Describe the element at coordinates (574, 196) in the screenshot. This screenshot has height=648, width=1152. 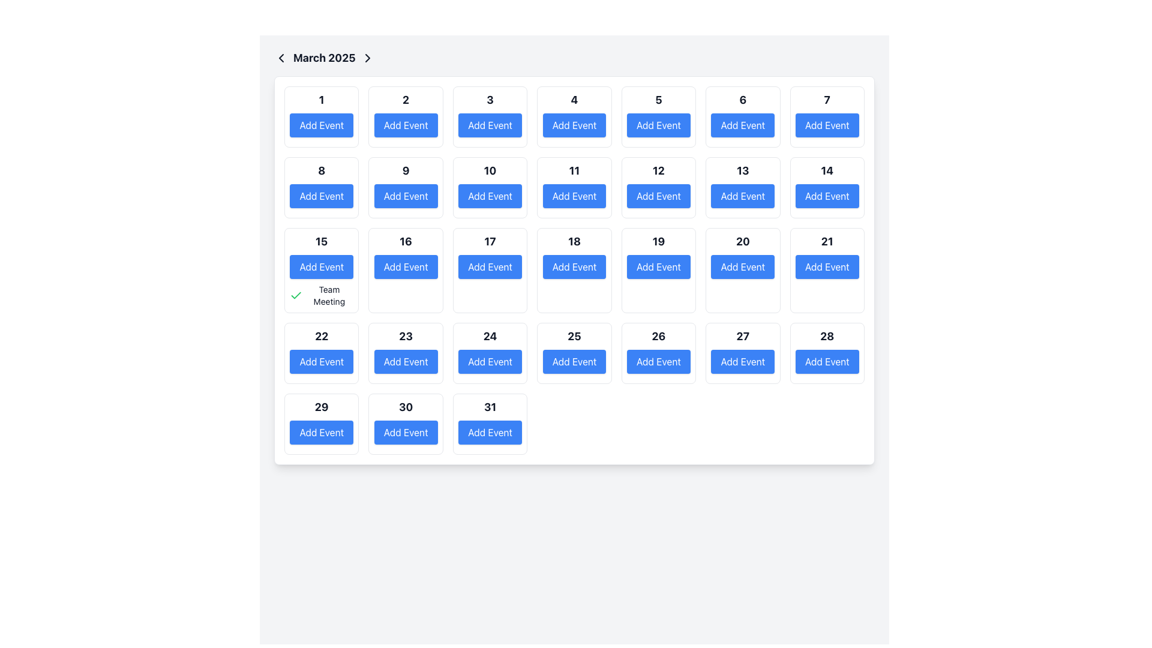
I see `the 'Add Event' button, a blue rectangular button with rounded corners, located in the calendar grid cell labeled '11'` at that location.